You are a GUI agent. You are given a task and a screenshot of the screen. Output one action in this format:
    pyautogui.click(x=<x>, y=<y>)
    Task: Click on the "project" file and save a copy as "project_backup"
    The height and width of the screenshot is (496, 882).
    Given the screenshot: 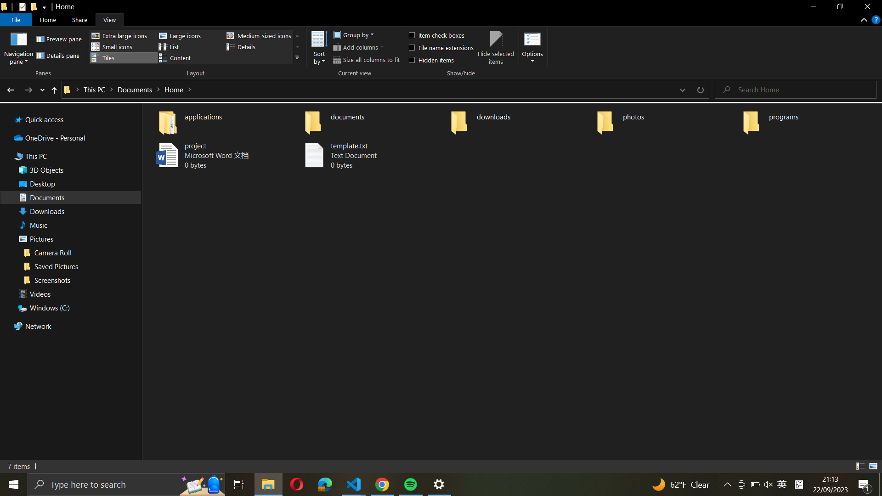 What is the action you would take?
    pyautogui.click(x=219, y=155)
    